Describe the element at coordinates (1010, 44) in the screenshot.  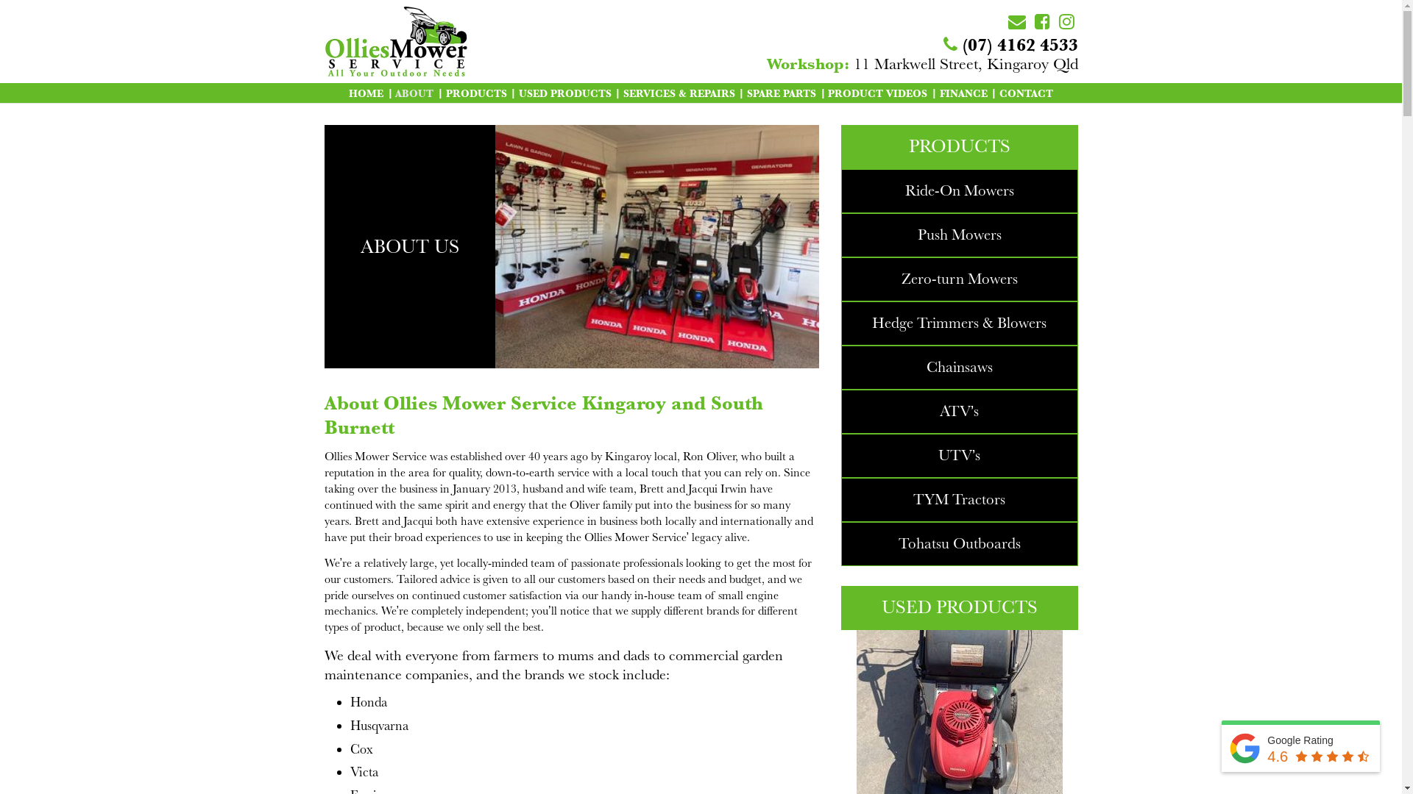
I see `'(07) 4162 4533'` at that location.